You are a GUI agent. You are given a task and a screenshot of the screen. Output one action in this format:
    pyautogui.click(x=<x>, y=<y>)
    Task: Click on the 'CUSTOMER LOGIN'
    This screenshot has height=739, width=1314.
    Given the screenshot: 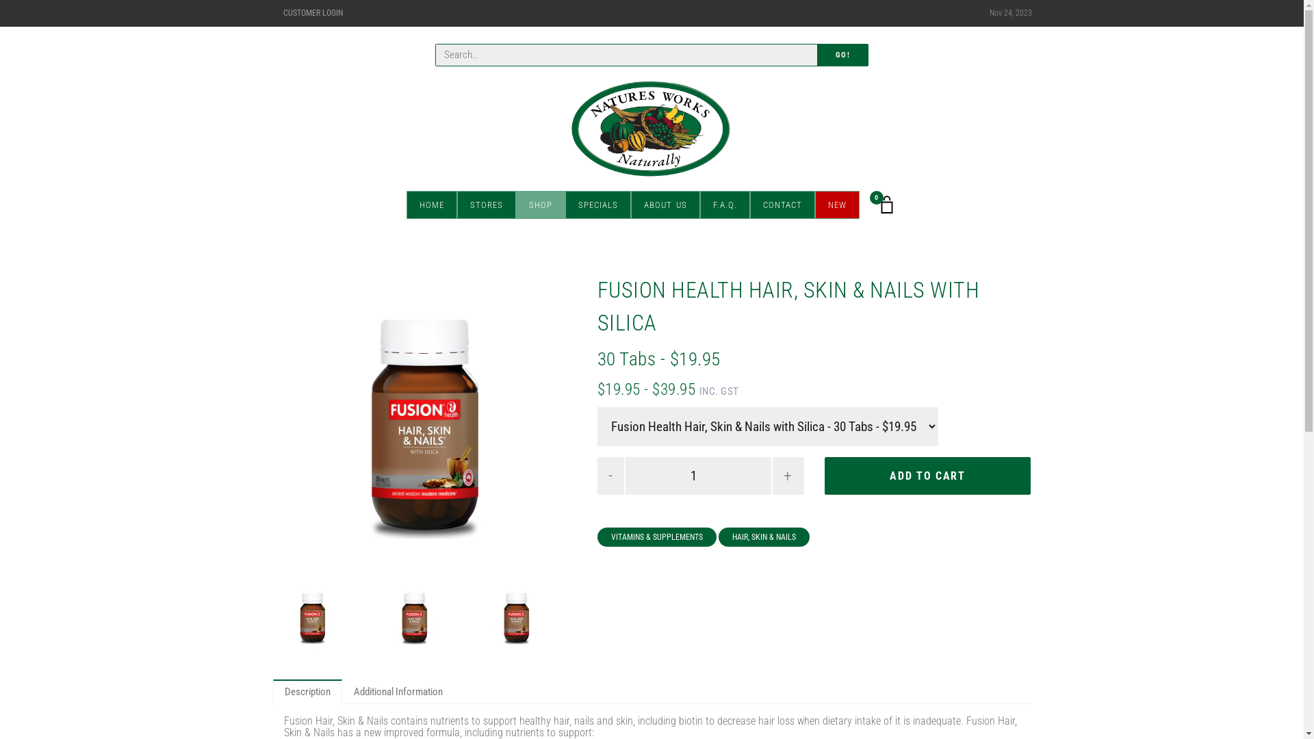 What is the action you would take?
    pyautogui.click(x=312, y=13)
    